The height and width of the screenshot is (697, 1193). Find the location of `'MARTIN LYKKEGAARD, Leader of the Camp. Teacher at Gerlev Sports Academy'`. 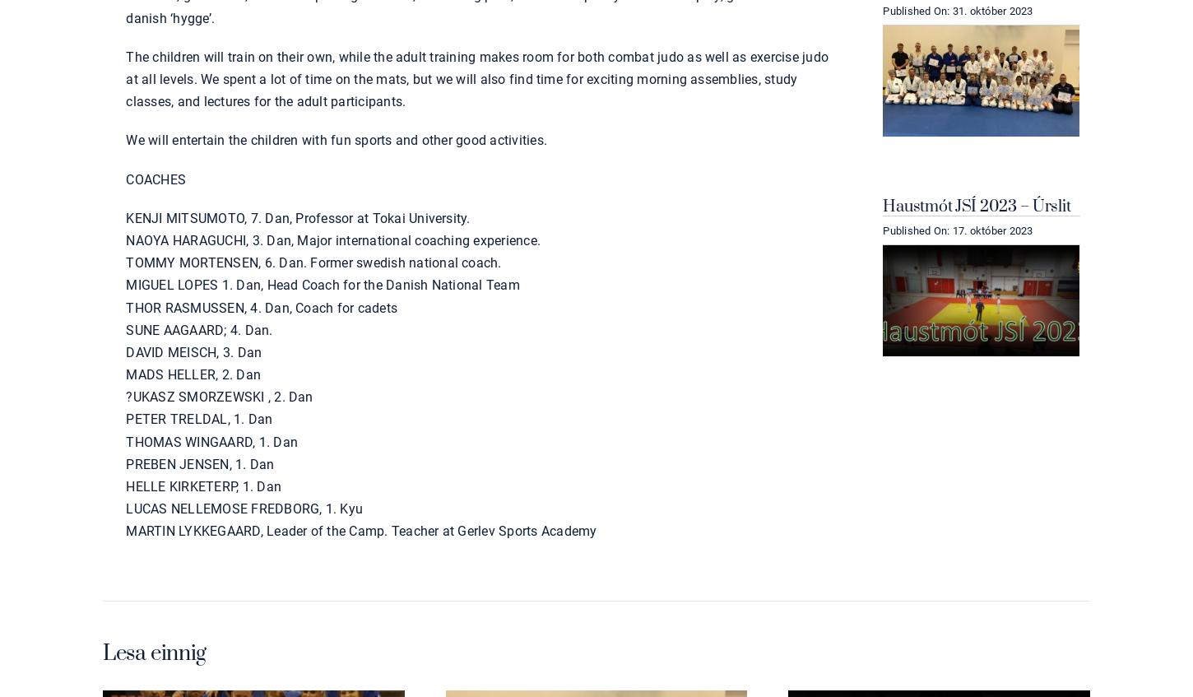

'MARTIN LYKKEGAARD, Leader of the Camp. Teacher at Gerlev Sports Academy' is located at coordinates (124, 530).